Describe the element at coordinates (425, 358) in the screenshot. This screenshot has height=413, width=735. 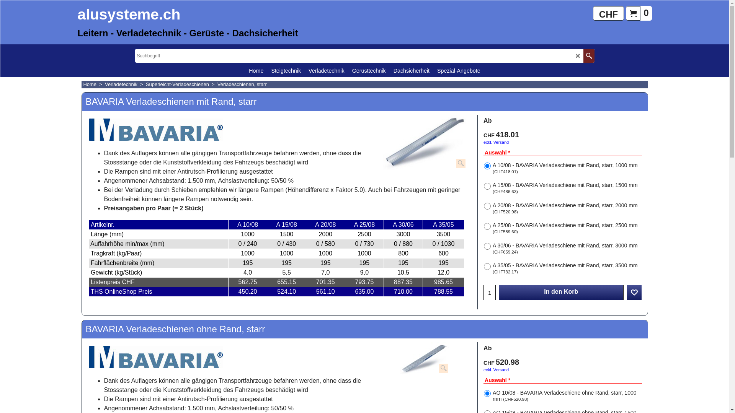
I see `'BAVARIA Verladeschiene ohne Rand, starr'` at that location.